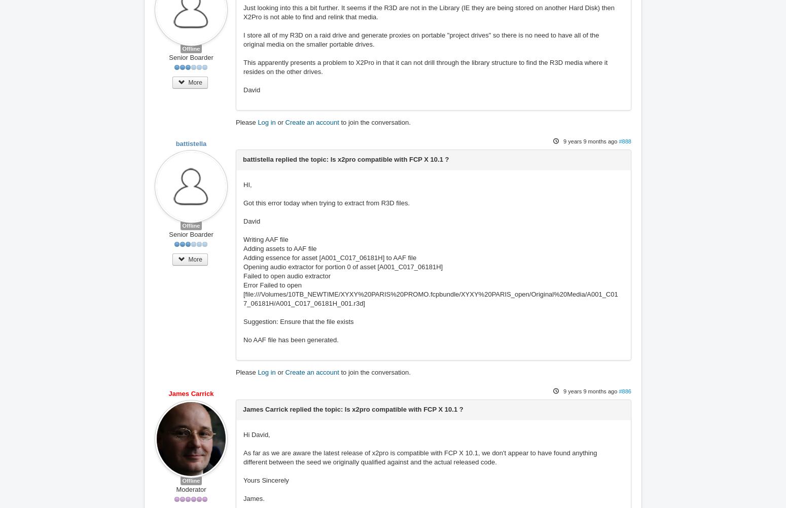  I want to click on 'Writing AAF file', so click(243, 239).